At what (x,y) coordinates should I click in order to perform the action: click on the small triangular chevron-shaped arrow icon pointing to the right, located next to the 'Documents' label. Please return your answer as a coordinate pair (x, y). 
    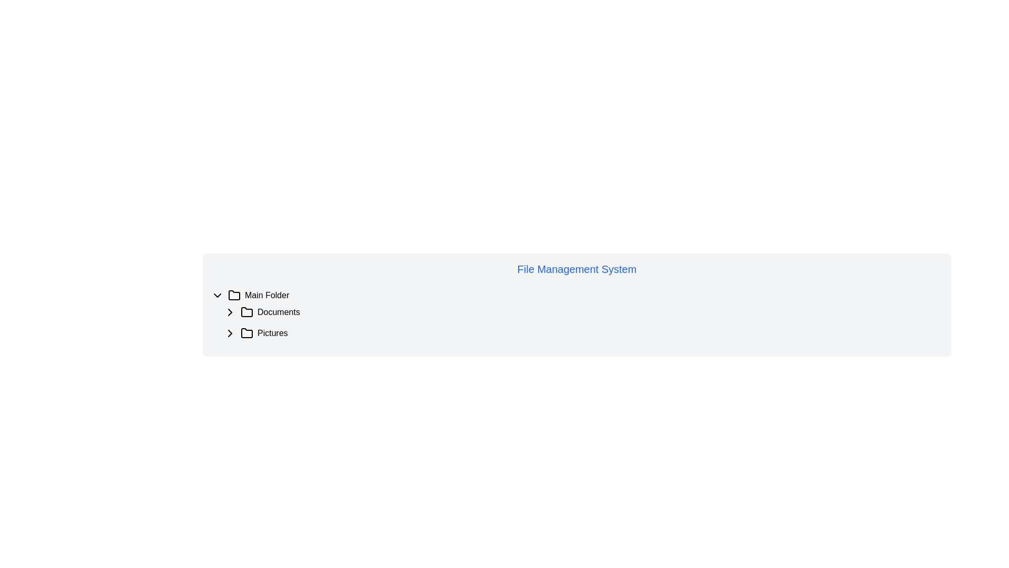
    Looking at the image, I should click on (229, 312).